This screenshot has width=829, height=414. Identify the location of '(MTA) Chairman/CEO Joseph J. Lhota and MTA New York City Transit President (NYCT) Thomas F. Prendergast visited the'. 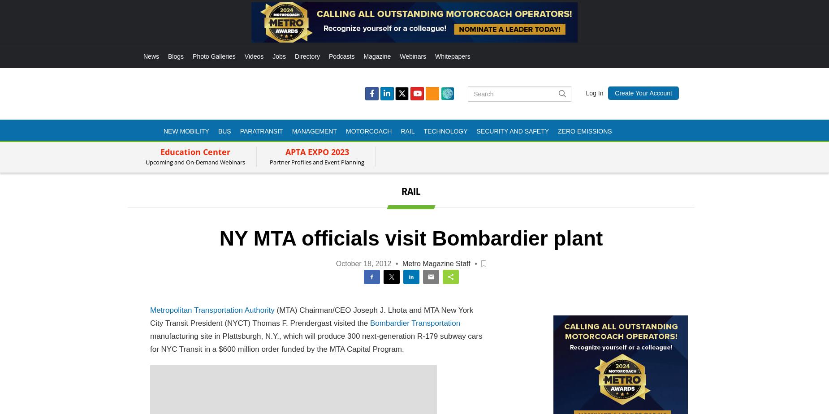
(311, 317).